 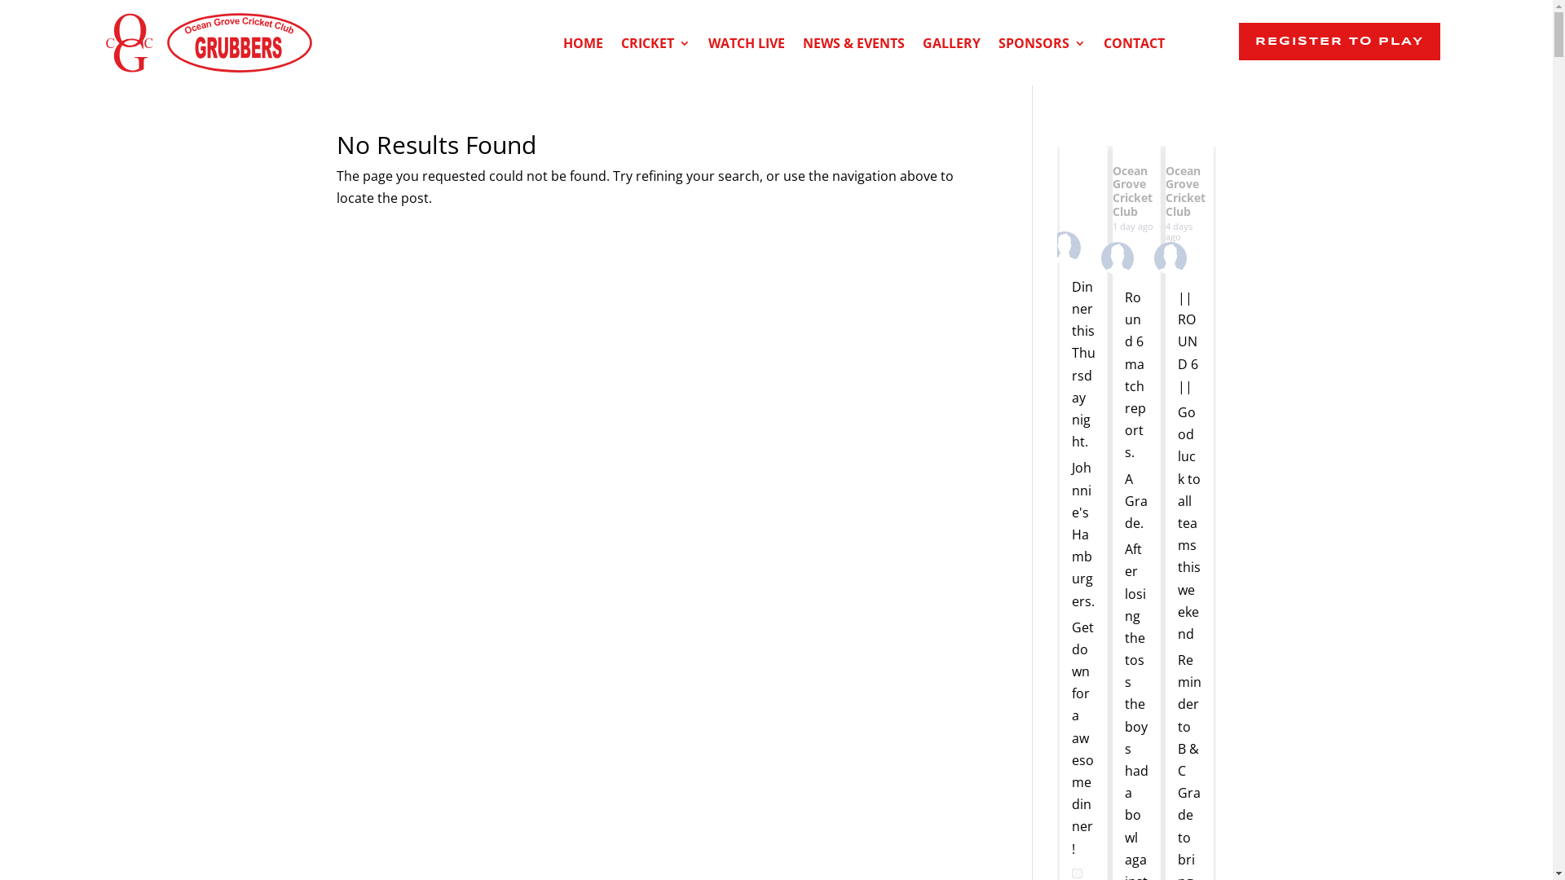 I want to click on 'CONTACT', so click(x=1133, y=46).